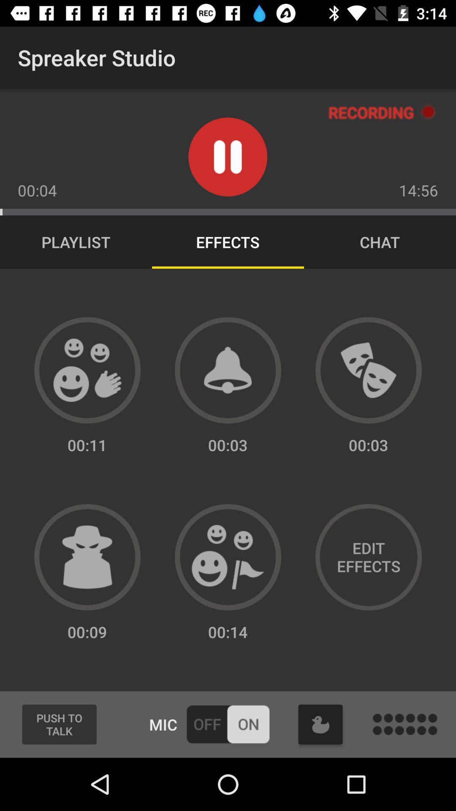 Image resolution: width=456 pixels, height=811 pixels. What do you see at coordinates (228, 370) in the screenshot?
I see `incorporate a bell-ringing sound` at bounding box center [228, 370].